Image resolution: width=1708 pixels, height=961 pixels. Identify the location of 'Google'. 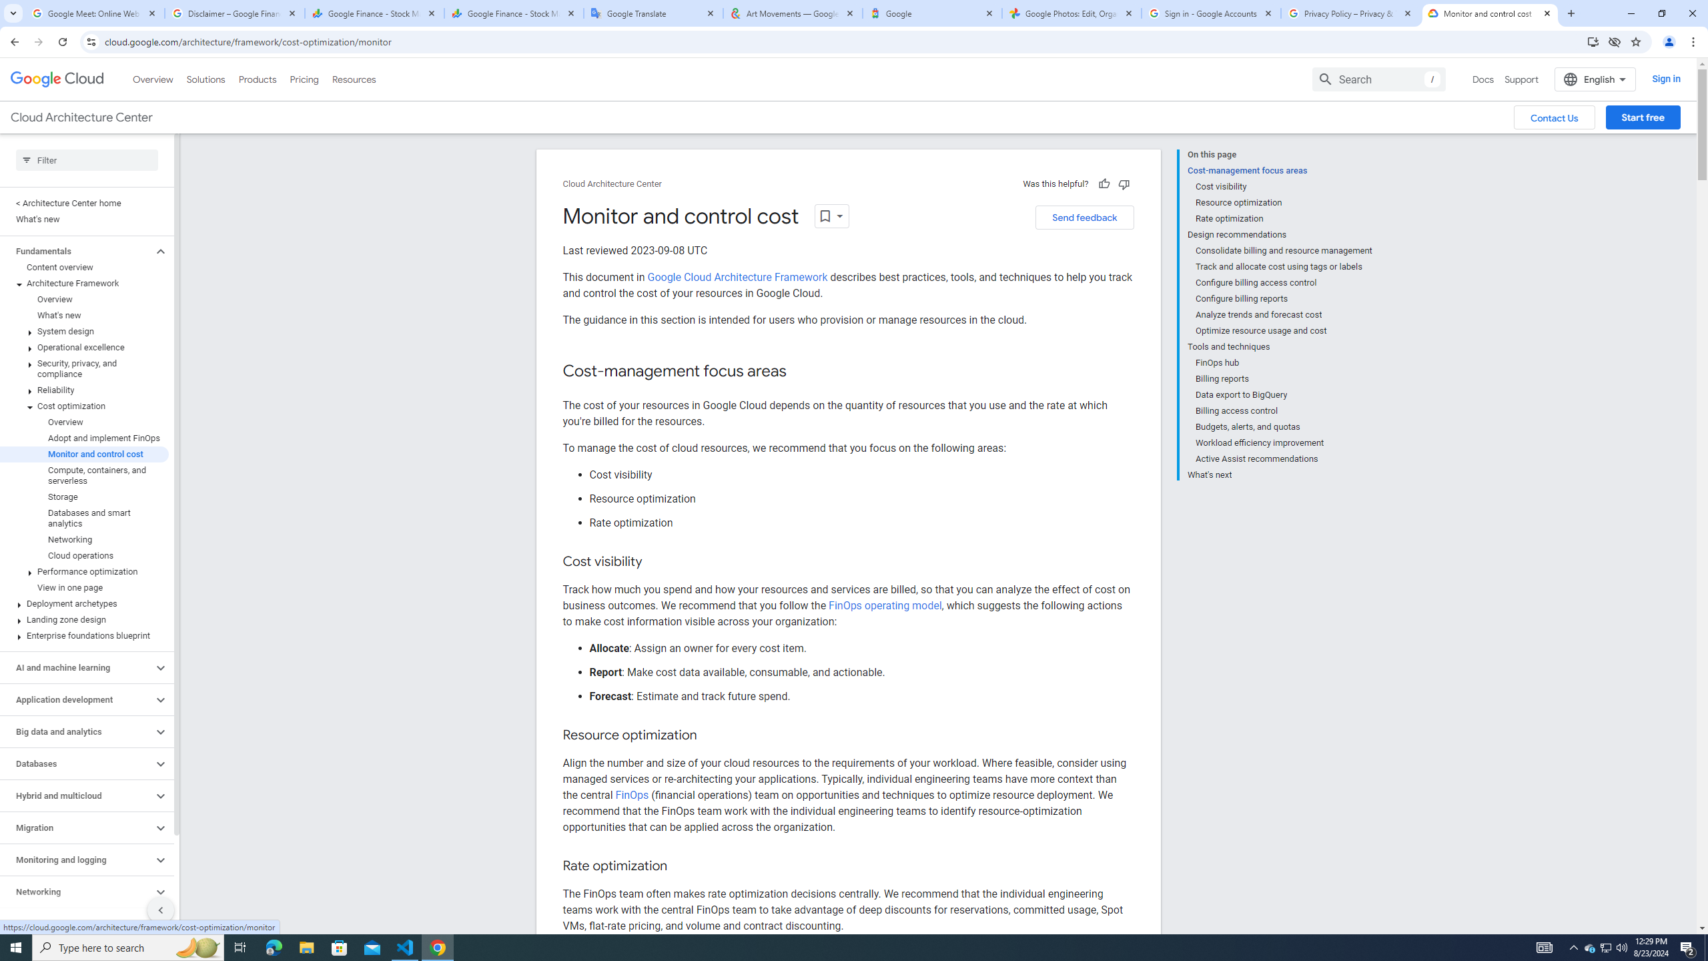
(932, 13).